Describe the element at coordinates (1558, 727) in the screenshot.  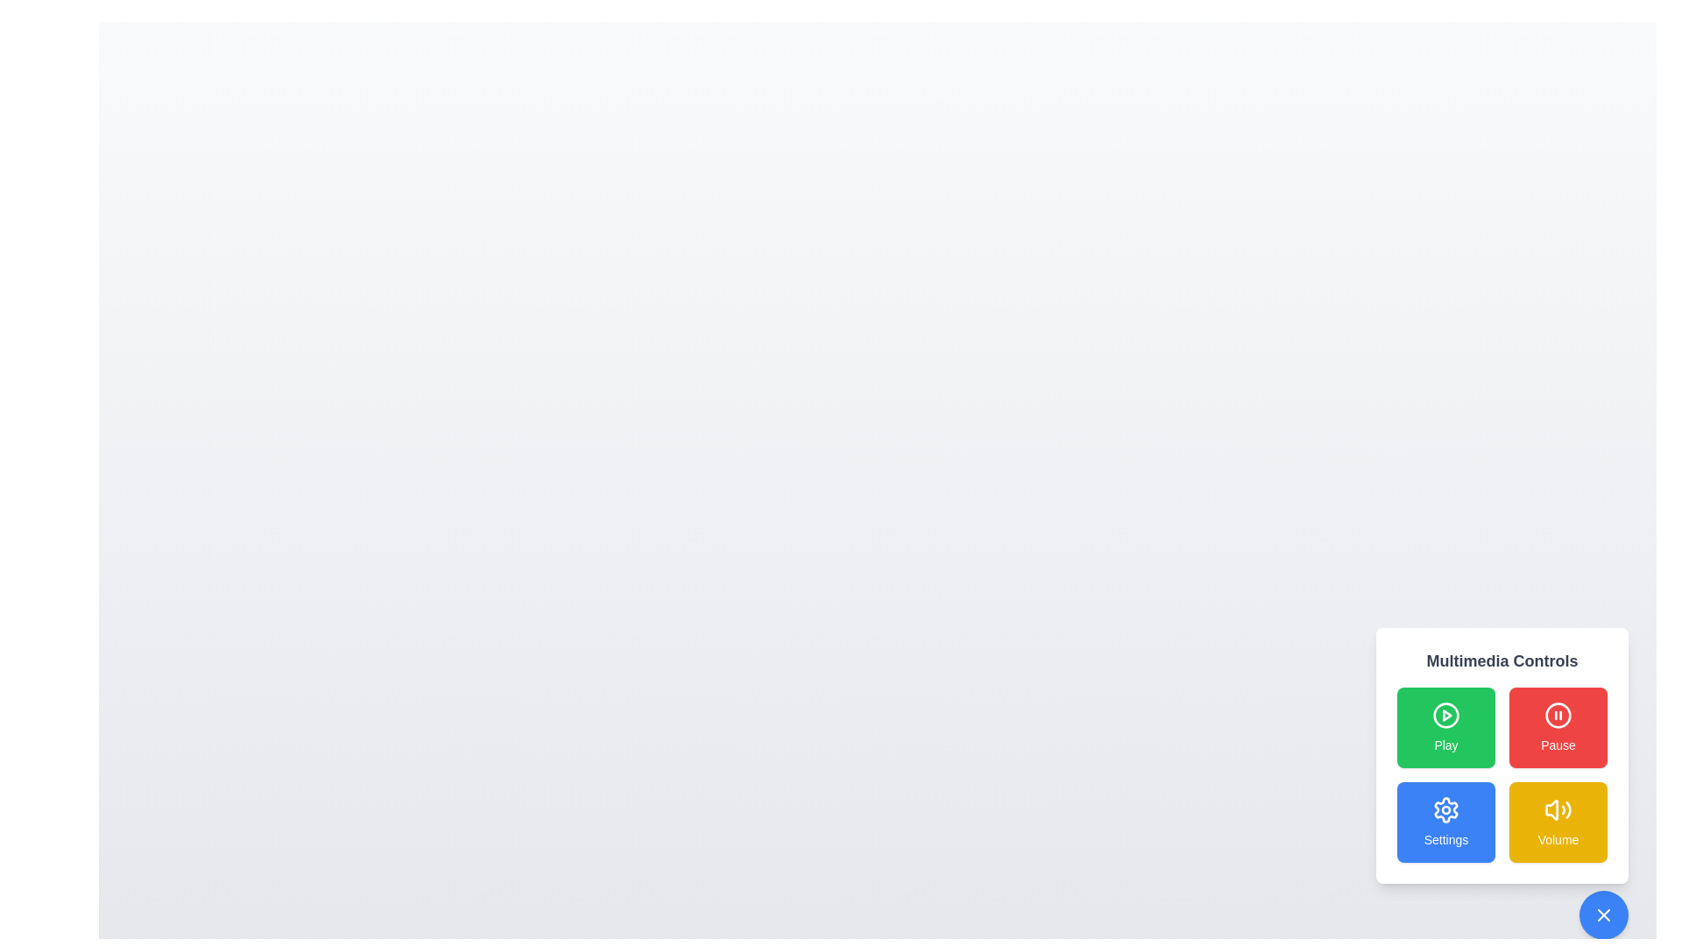
I see `the pause button located in the second column of the first row within the multimedia controls grid` at that location.